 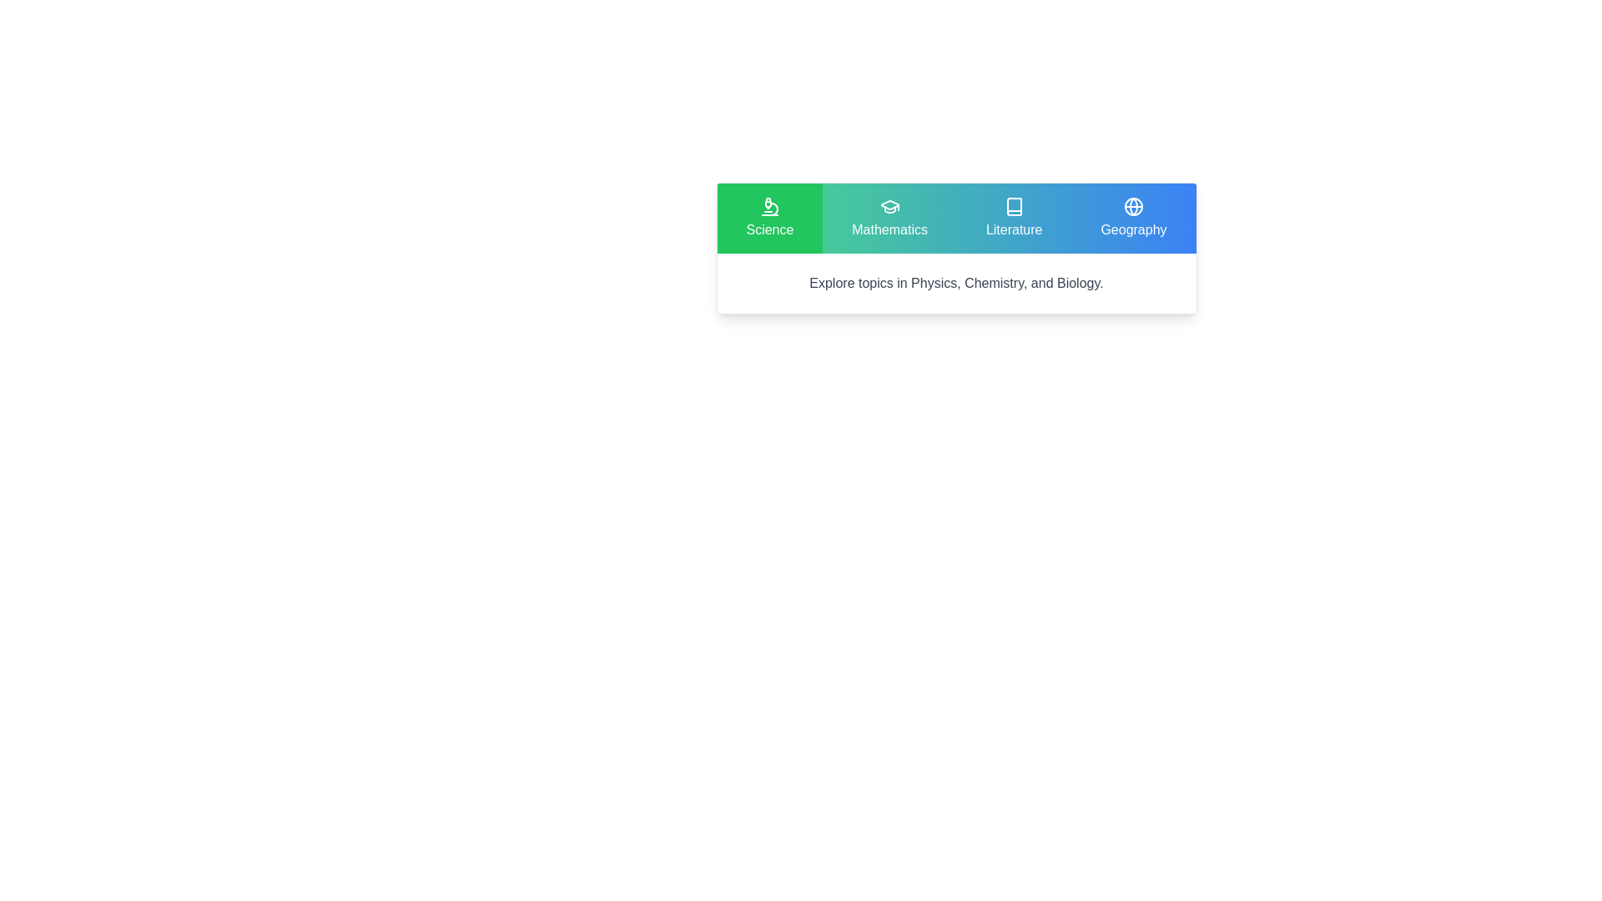 What do you see at coordinates (768, 205) in the screenshot?
I see `the decorative 'Science' category icon located in the leftmost panel of the horizontal menu bar, which is visually centered within the green background area and directly above the 'Science' text` at bounding box center [768, 205].